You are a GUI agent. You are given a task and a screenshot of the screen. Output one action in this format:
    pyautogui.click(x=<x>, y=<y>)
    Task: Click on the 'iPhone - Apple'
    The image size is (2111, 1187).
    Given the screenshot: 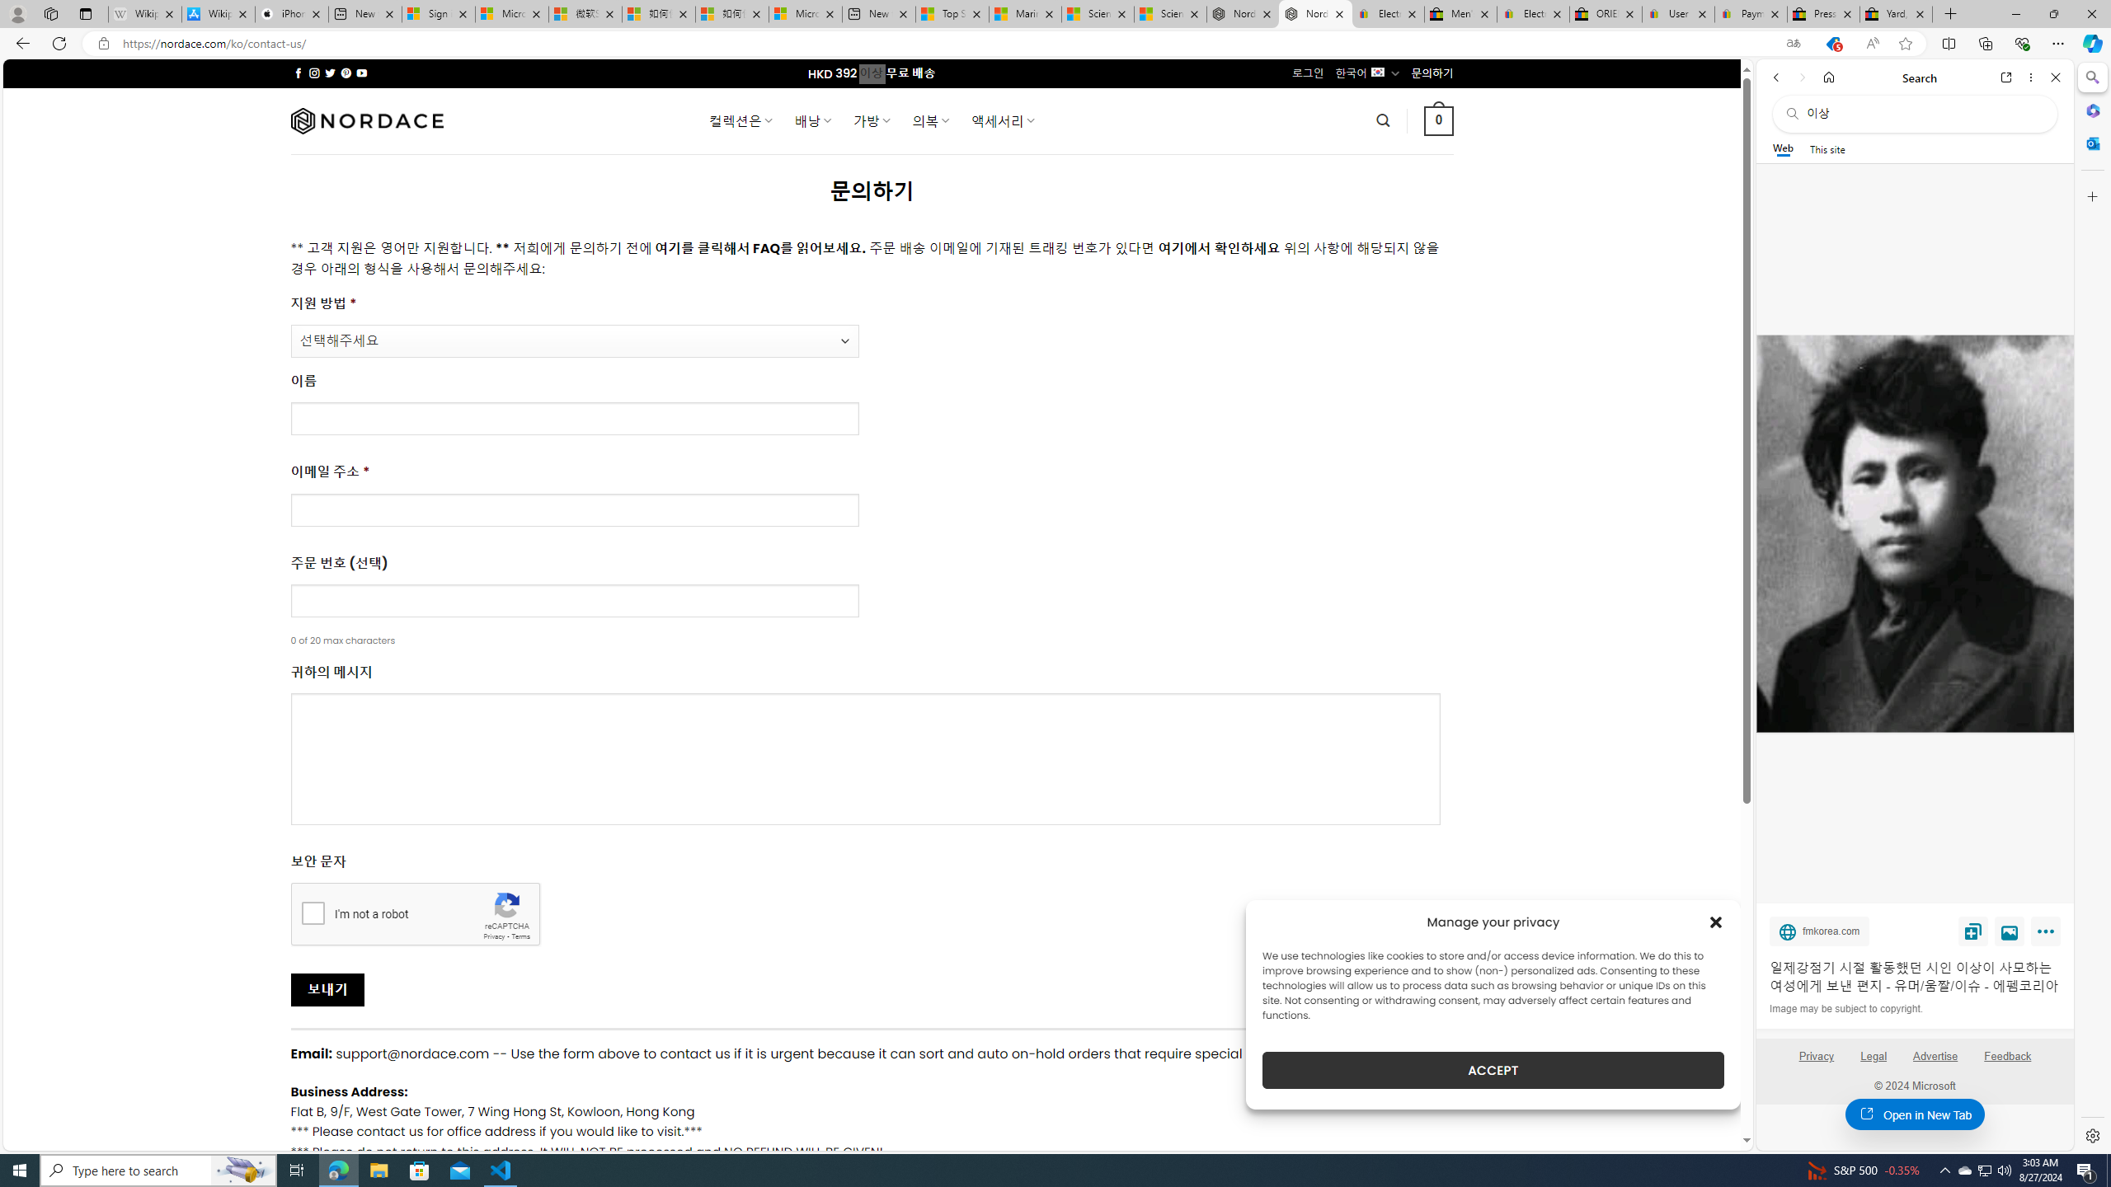 What is the action you would take?
    pyautogui.click(x=292, y=13)
    